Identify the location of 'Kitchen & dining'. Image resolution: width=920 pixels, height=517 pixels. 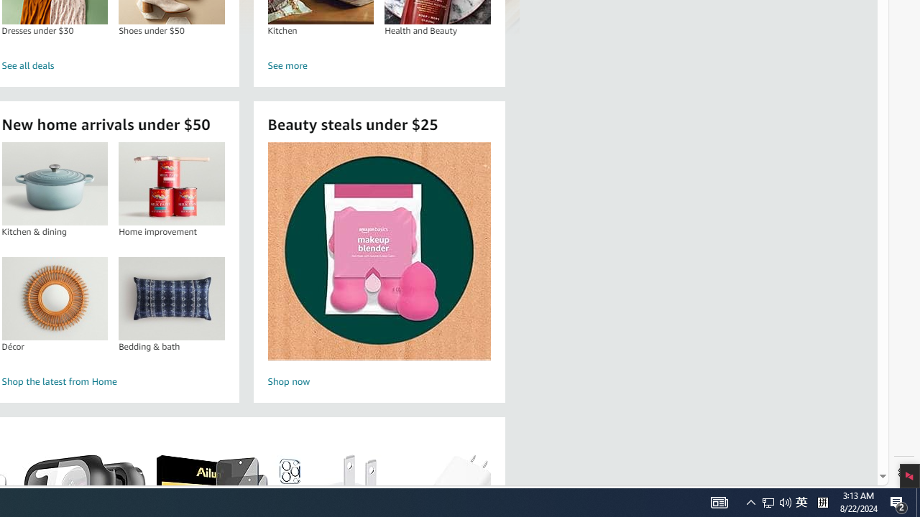
(55, 183).